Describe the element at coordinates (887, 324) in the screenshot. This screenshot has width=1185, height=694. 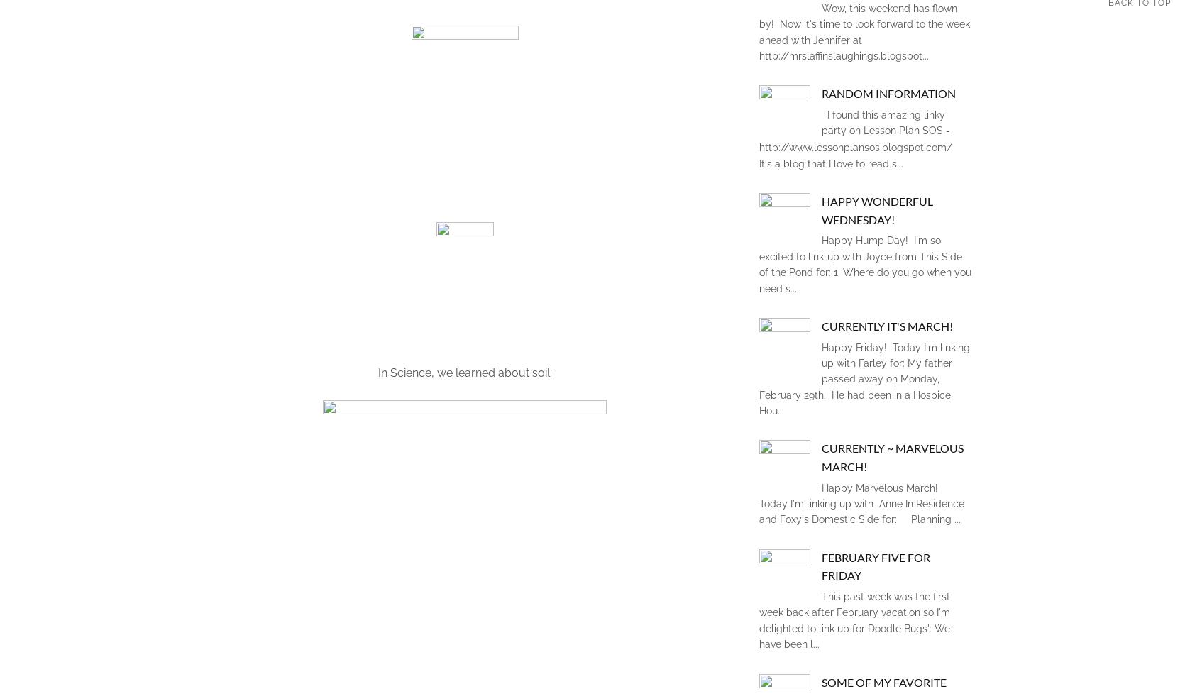
I see `'Currently it's March!'` at that location.